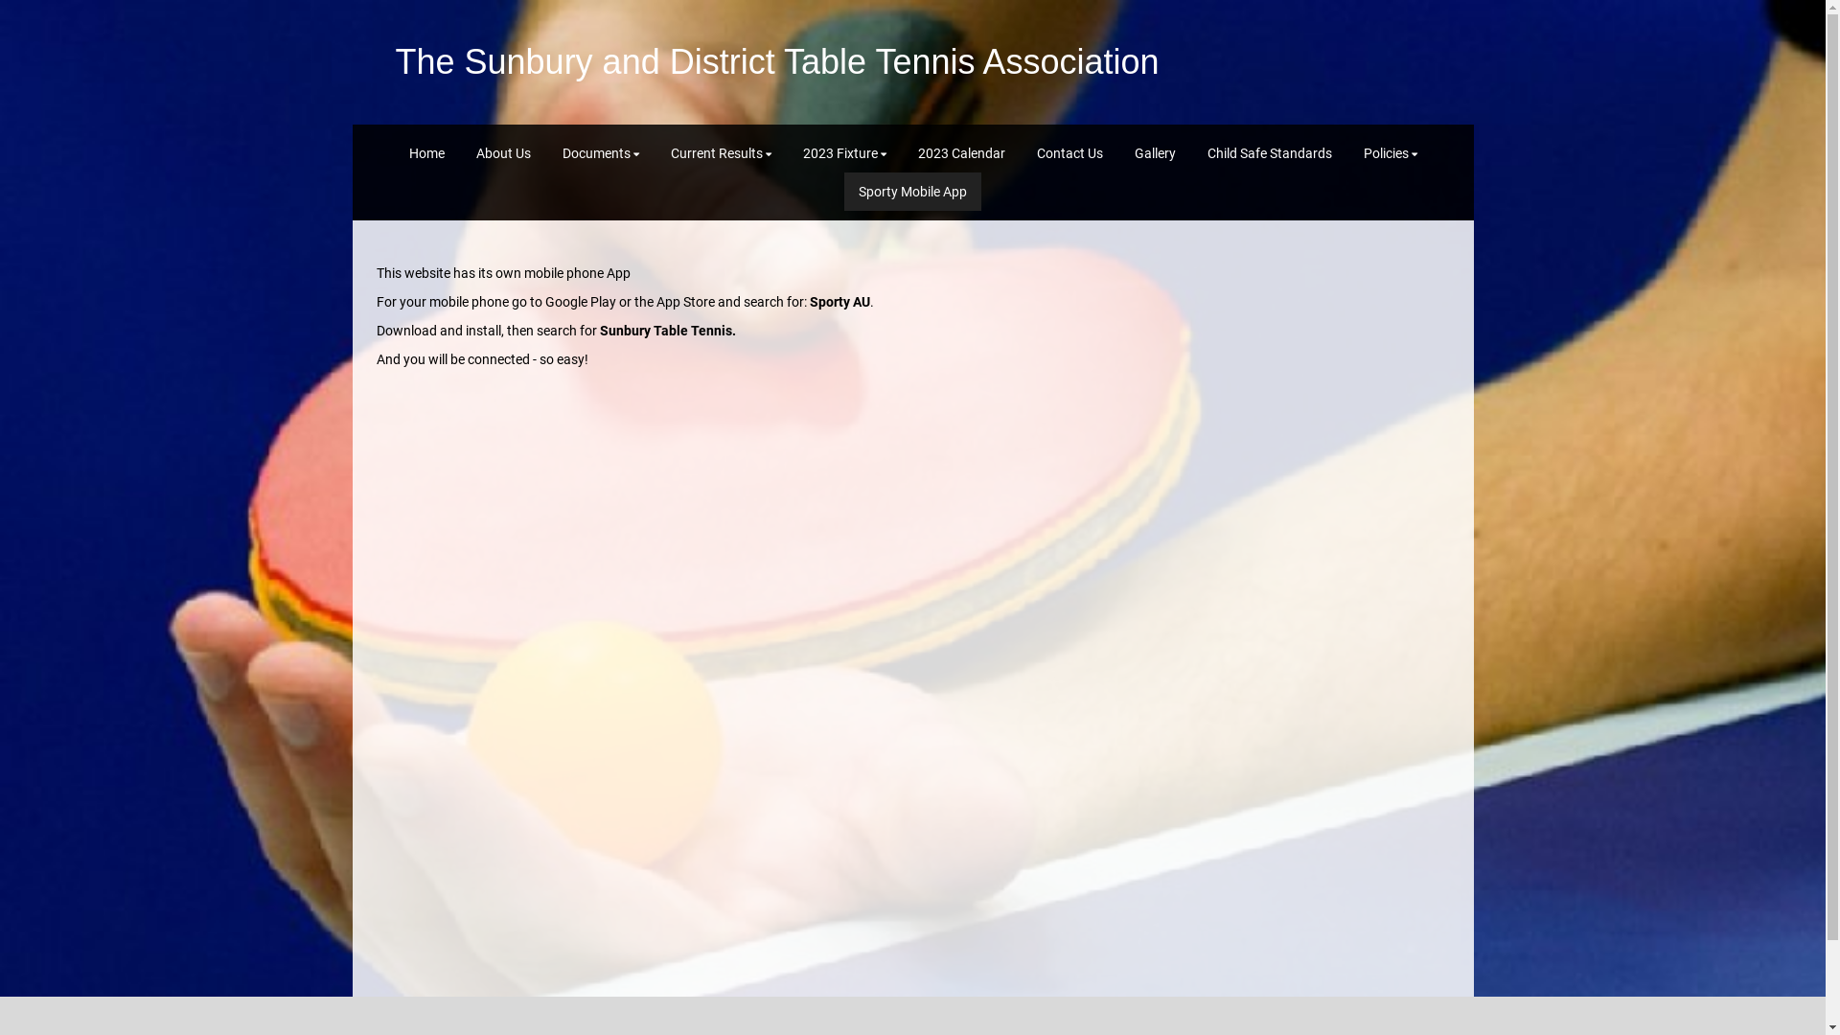 This screenshot has height=1035, width=1840. What do you see at coordinates (1020, 151) in the screenshot?
I see `'Contact Us'` at bounding box center [1020, 151].